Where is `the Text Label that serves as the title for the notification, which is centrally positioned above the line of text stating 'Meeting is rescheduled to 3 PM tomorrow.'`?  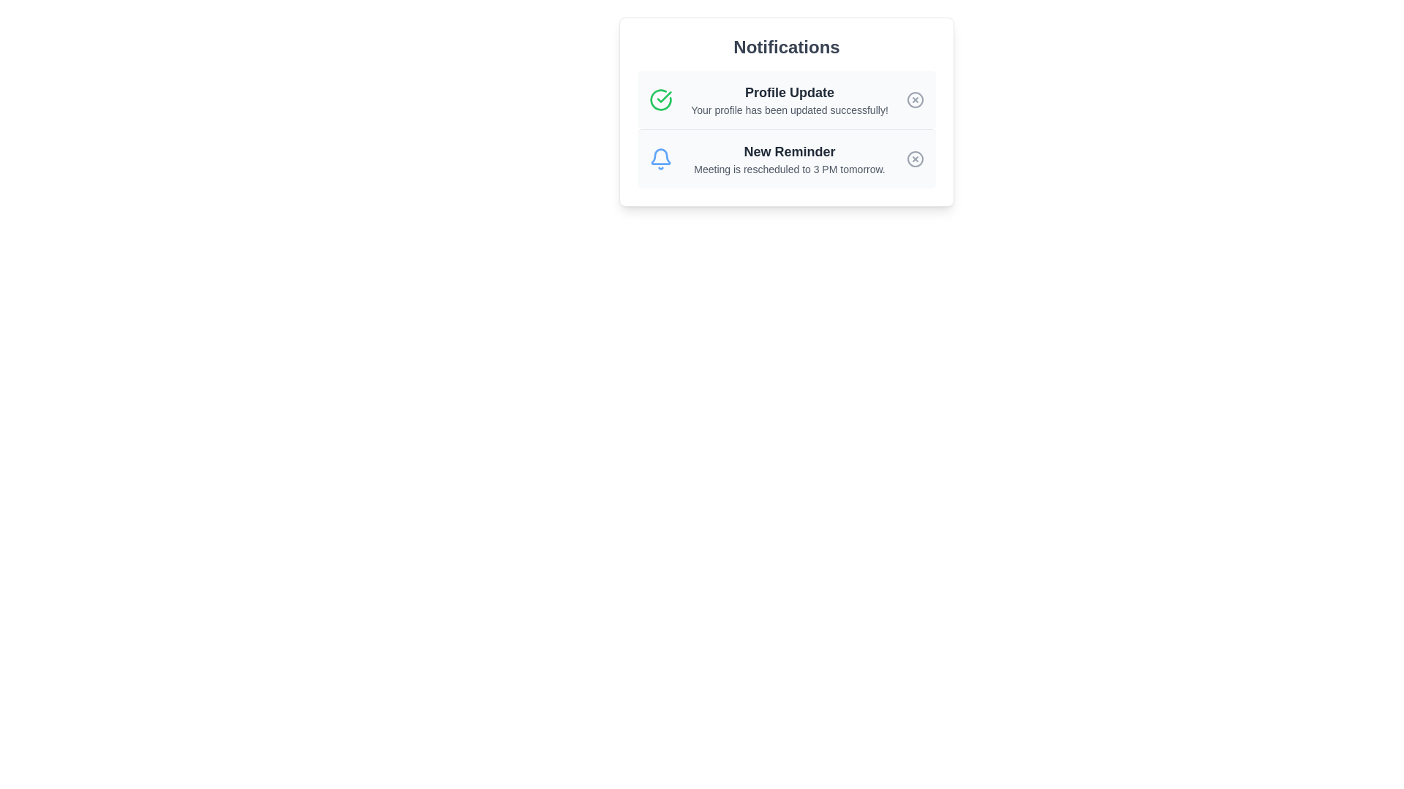 the Text Label that serves as the title for the notification, which is centrally positioned above the line of text stating 'Meeting is rescheduled to 3 PM tomorrow.' is located at coordinates (789, 152).